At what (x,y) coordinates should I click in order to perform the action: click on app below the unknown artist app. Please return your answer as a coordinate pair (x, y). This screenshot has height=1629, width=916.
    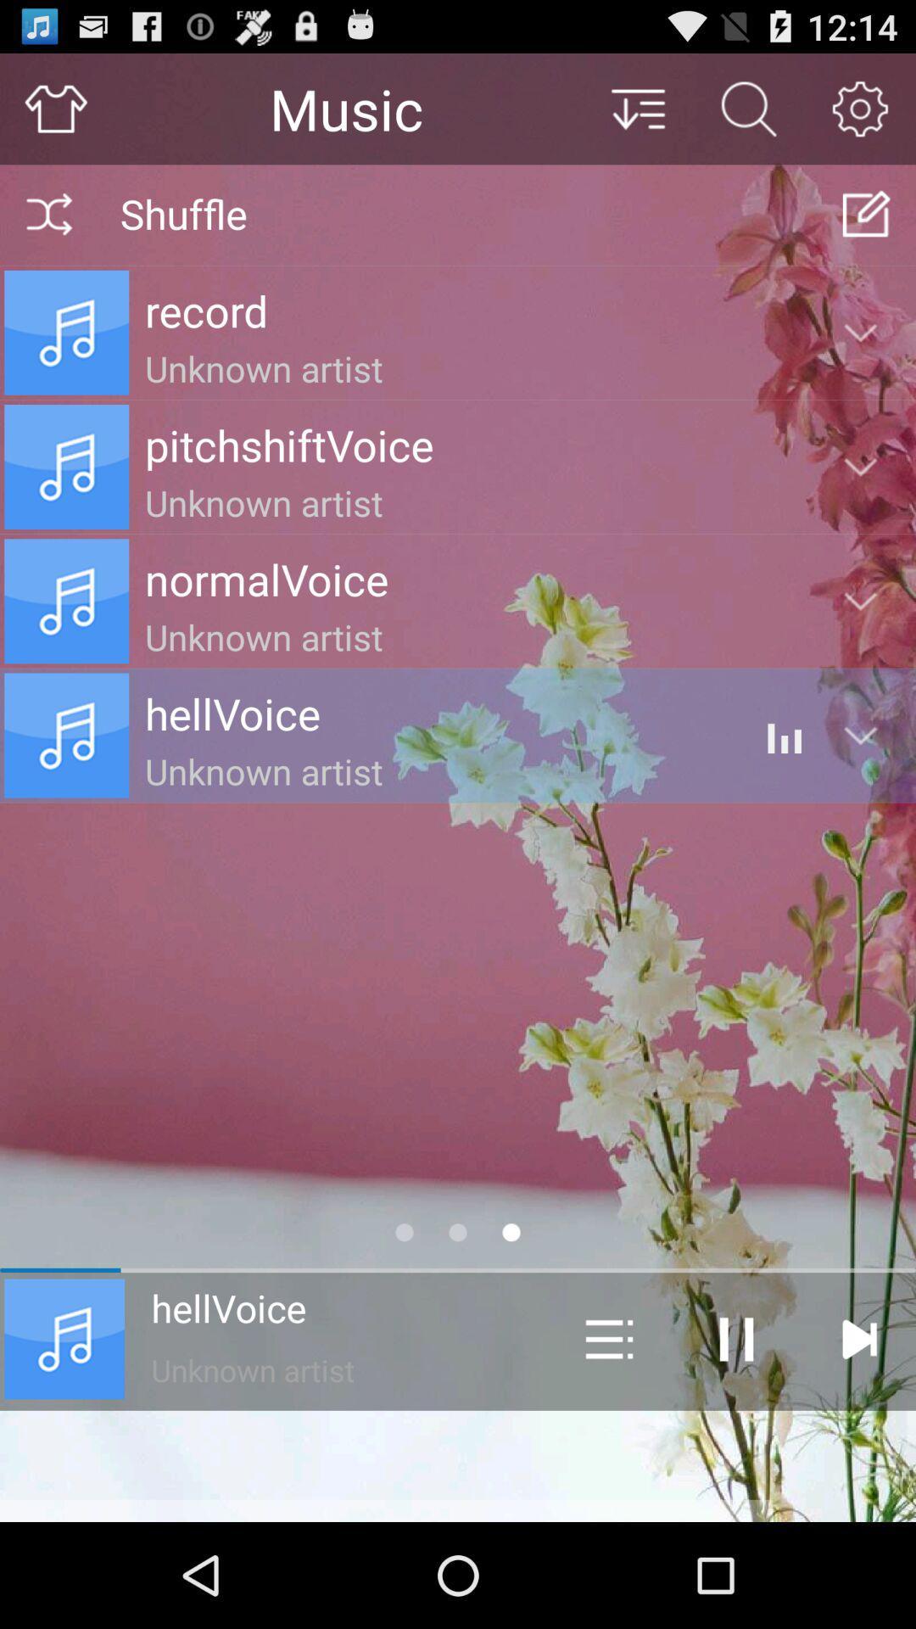
    Looking at the image, I should click on (458, 1465).